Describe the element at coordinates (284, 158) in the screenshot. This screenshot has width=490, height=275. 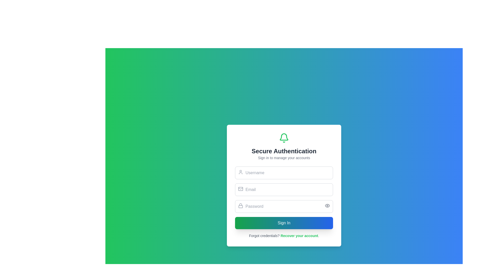
I see `the Static Text element displaying 'Sign in to manage your accounts', which is positioned below 'Secure Authentication' and above the user credential input fields` at that location.